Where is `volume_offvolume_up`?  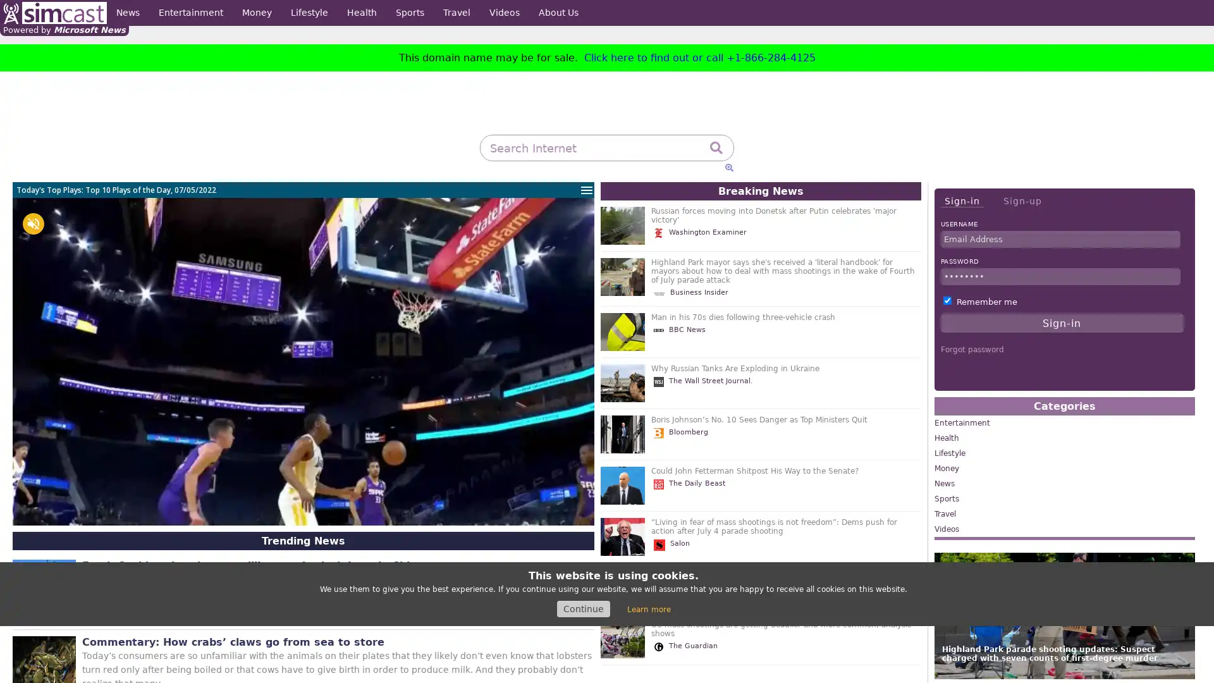
volume_offvolume_up is located at coordinates (33, 223).